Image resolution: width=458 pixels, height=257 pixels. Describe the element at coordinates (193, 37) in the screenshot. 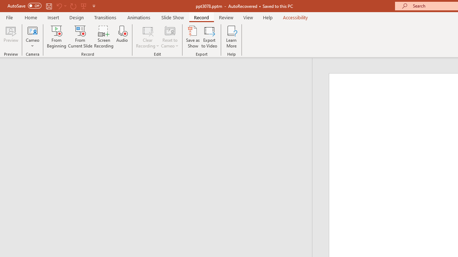

I see `'Save as Show'` at that location.